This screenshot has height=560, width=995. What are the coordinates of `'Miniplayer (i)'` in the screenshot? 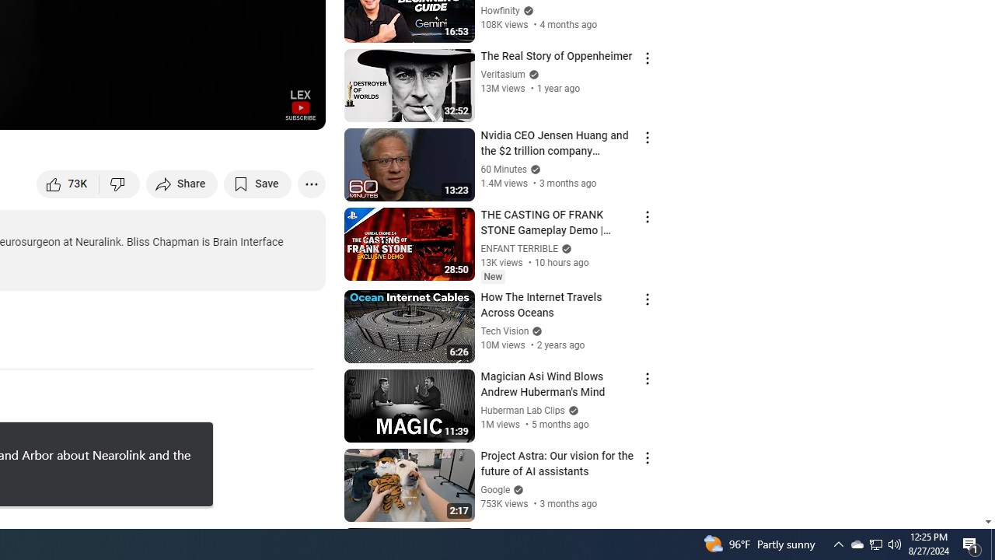 It's located at (222, 110).